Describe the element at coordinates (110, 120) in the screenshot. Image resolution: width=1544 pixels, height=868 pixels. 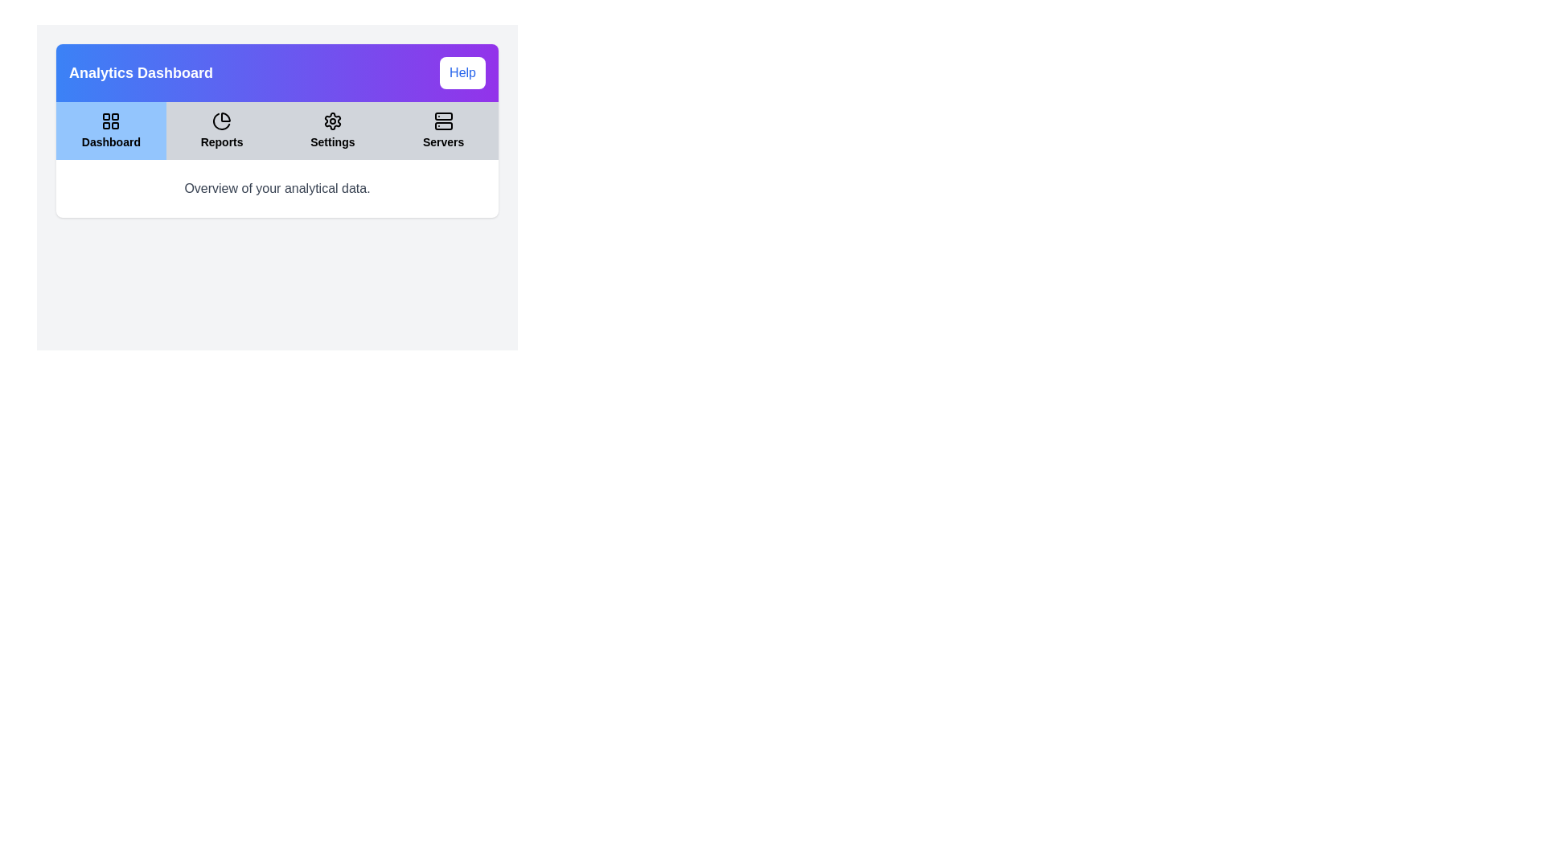
I see `the 'Dashboard' icon located in the navigation section at the top of the interface` at that location.